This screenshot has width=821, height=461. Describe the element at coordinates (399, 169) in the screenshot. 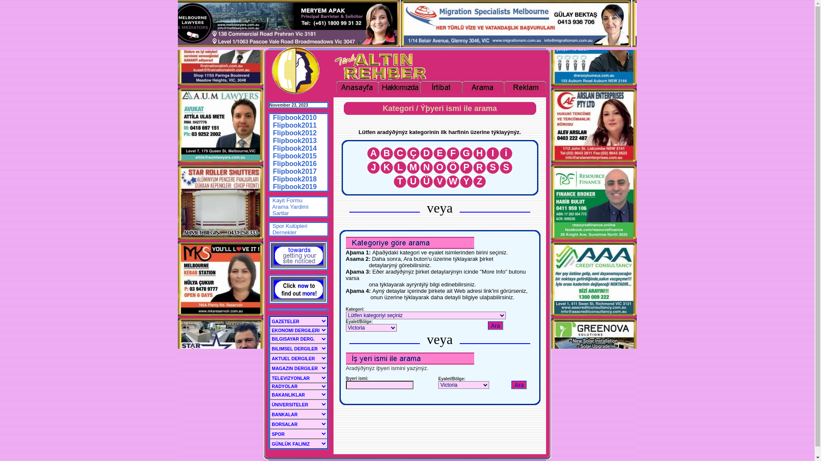

I see `'L'` at that location.